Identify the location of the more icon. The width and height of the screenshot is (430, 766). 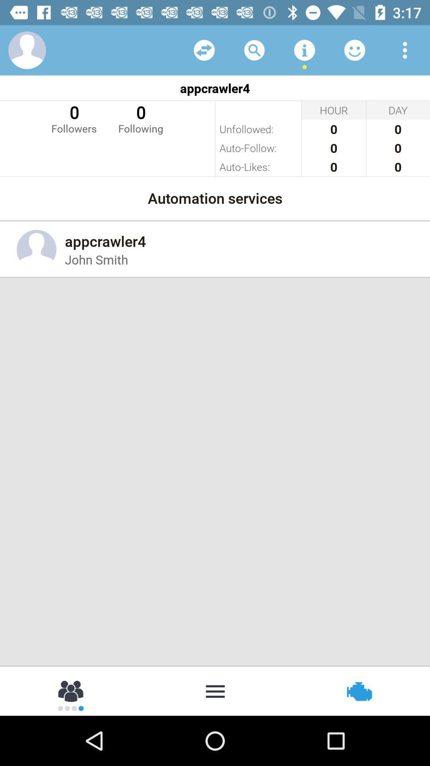
(215, 690).